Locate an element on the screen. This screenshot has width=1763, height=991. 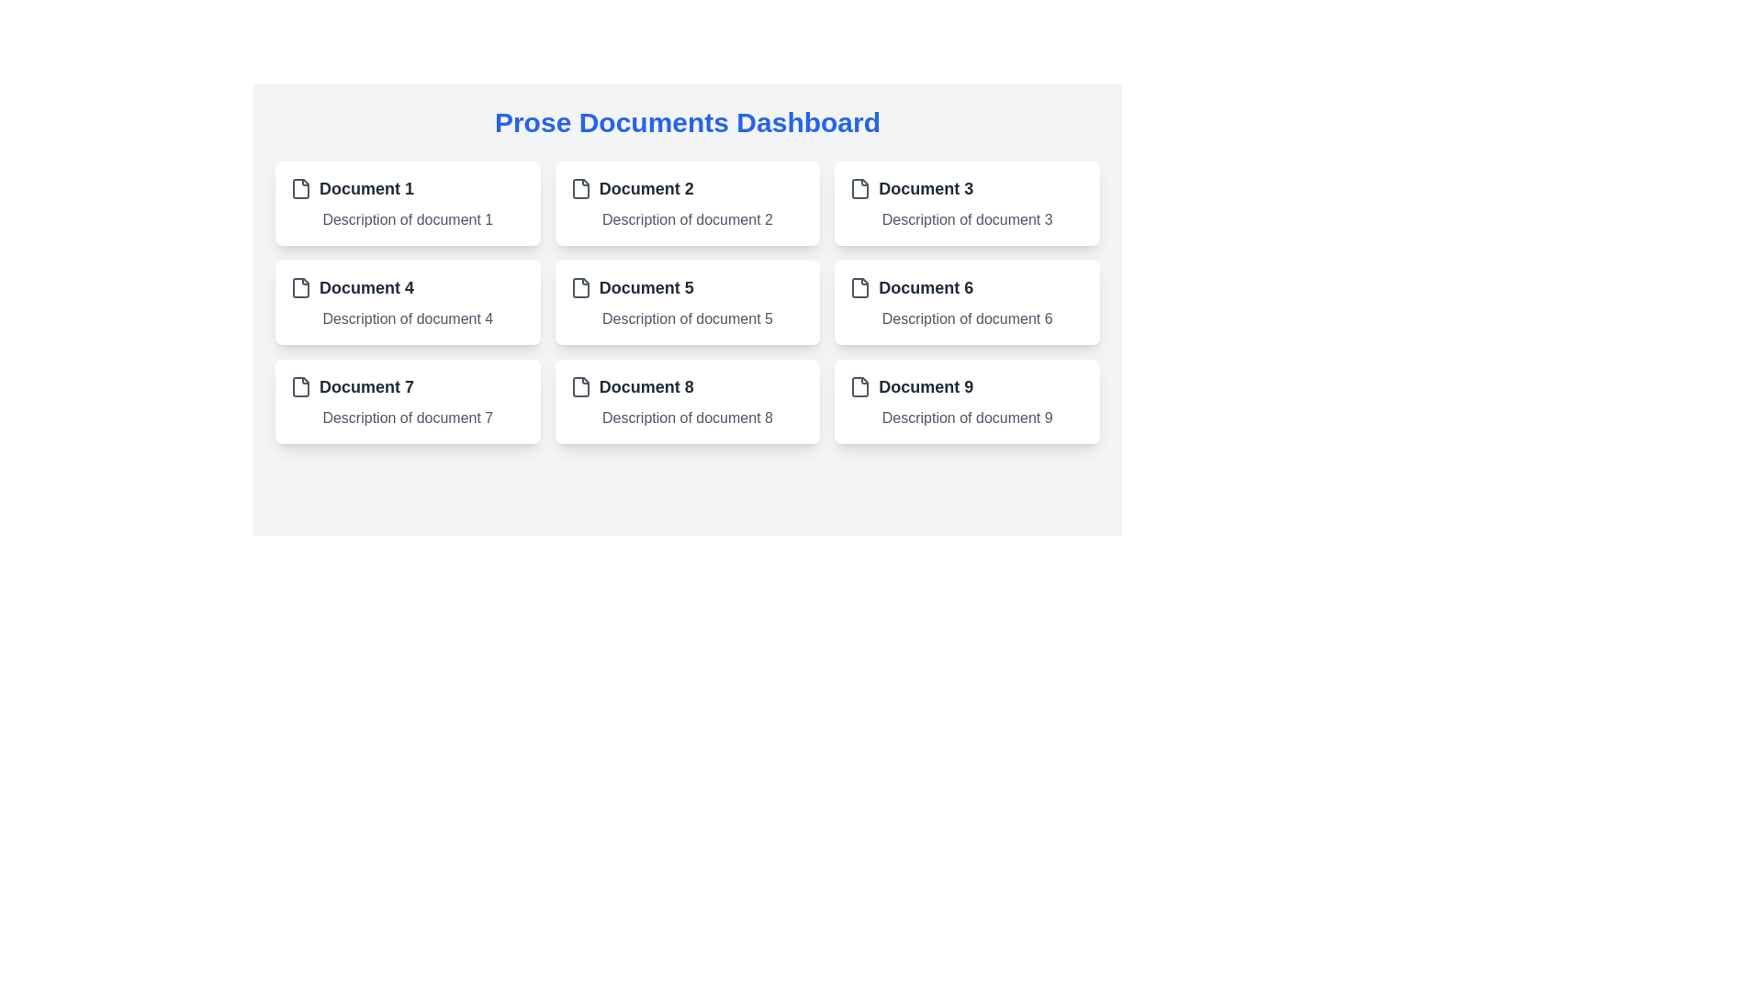
the small gray document icon located to the left of 'Document 8' text in the dashboard interface is located at coordinates (579, 385).